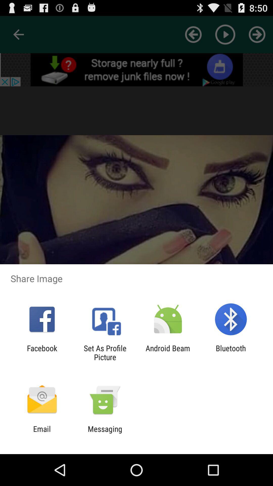 The image size is (273, 486). Describe the element at coordinates (105, 352) in the screenshot. I see `item to the left of the android beam item` at that location.